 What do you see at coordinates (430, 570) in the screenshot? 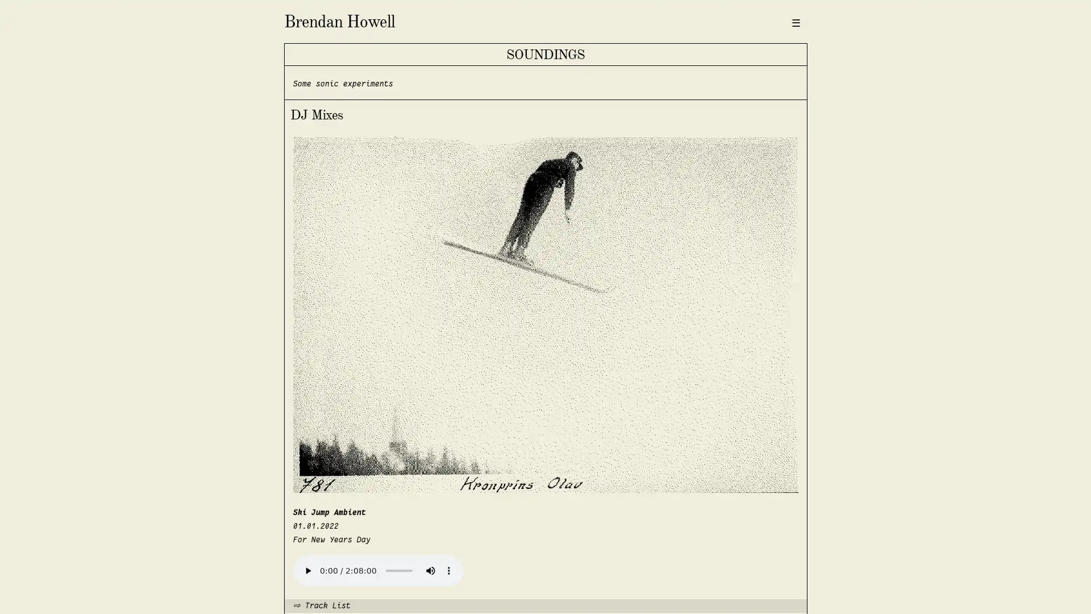
I see `mute` at bounding box center [430, 570].